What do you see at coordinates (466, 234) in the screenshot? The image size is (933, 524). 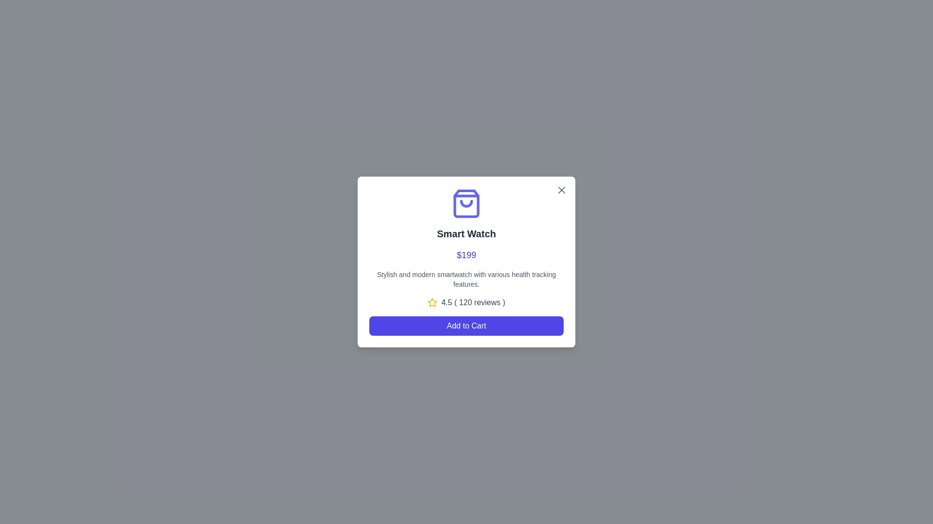 I see `text displayed in the Text Label identifying the product as 'Smart Watch', which is located near the top of the modal, centered below the shopping bag icon` at bounding box center [466, 234].